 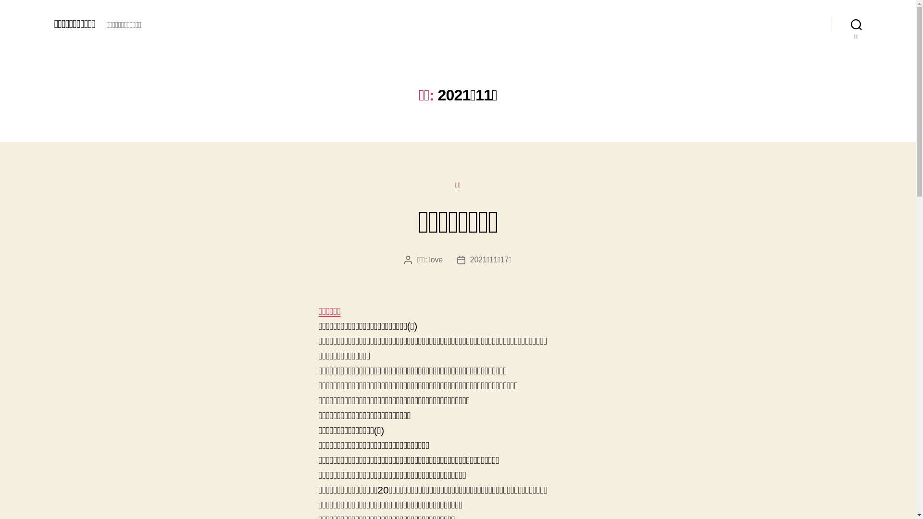 I want to click on 'love', so click(x=436, y=259).